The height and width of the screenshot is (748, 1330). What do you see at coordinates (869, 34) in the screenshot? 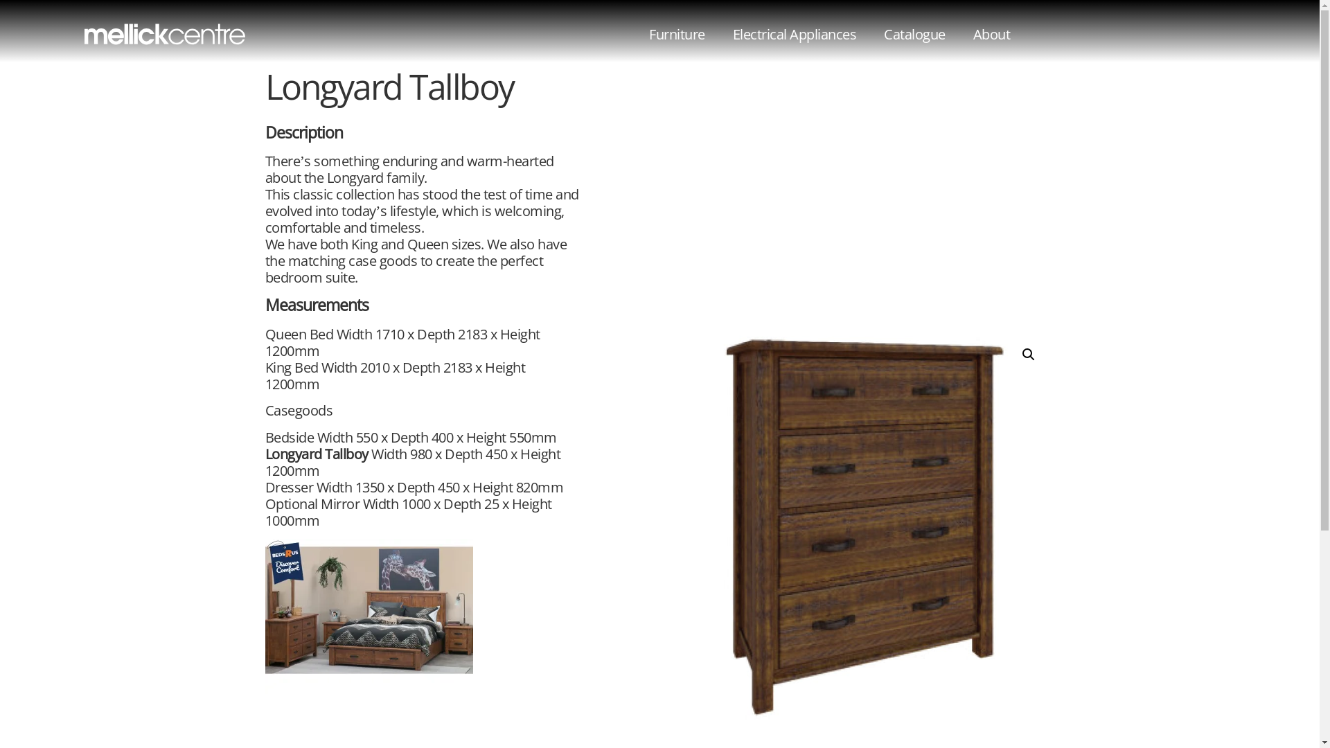
I see `'Catalogue'` at bounding box center [869, 34].